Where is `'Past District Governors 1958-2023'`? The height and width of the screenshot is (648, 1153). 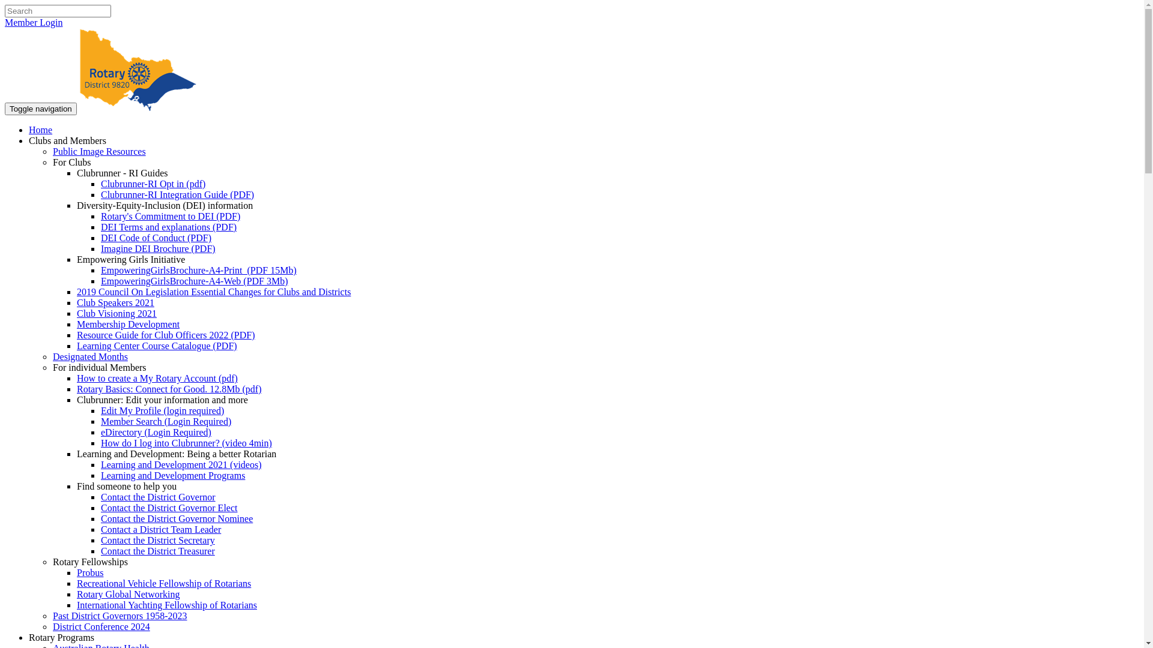 'Past District Governors 1958-2023' is located at coordinates (120, 616).